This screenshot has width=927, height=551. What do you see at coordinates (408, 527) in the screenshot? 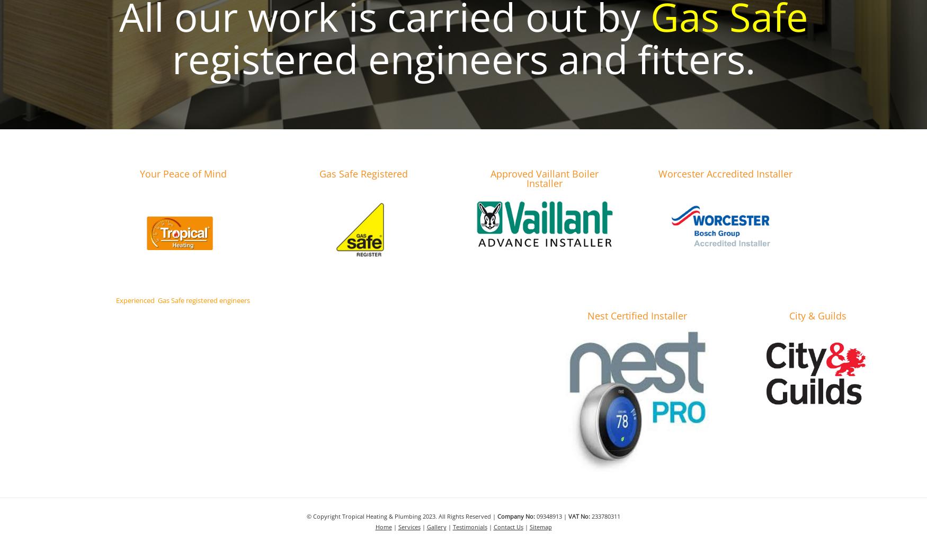
I see `'Services'` at bounding box center [408, 527].